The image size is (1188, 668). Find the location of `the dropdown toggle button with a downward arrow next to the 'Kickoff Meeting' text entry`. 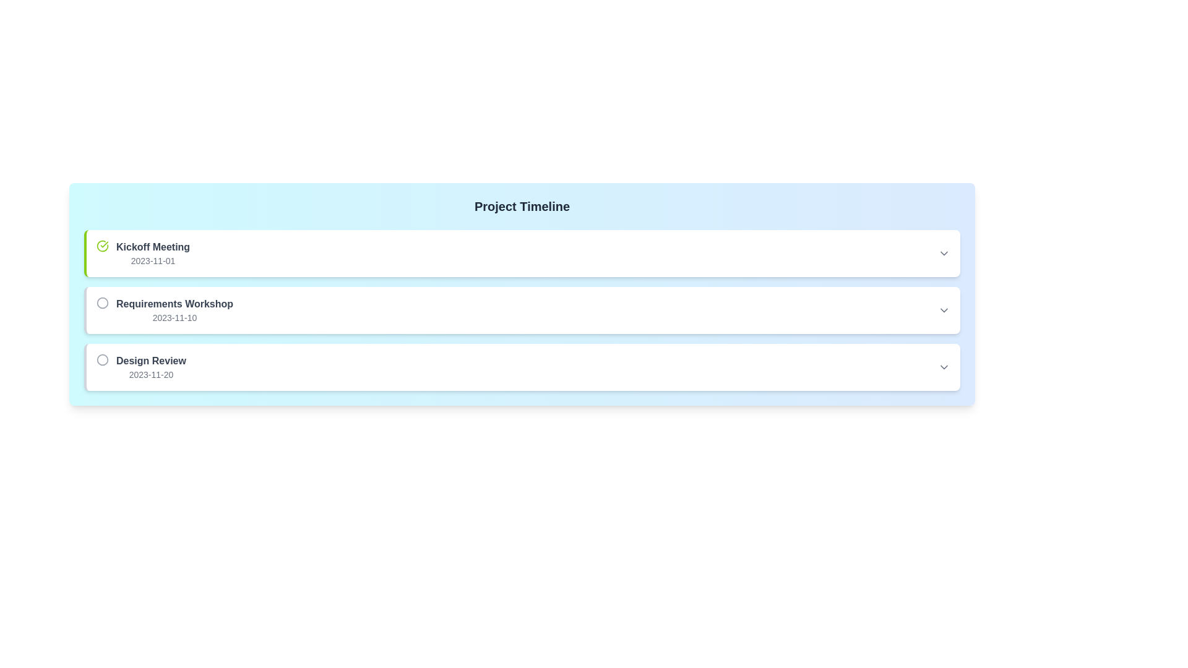

the dropdown toggle button with a downward arrow next to the 'Kickoff Meeting' text entry is located at coordinates (944, 252).